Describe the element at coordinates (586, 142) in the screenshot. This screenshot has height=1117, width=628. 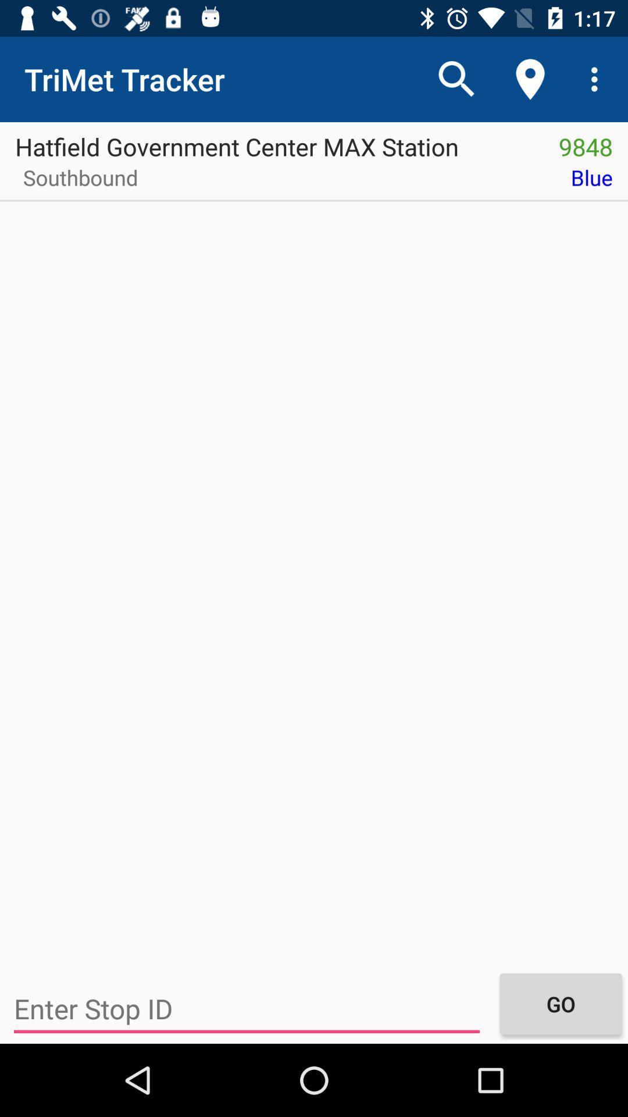
I see `icon to the right of hatfield government center icon` at that location.